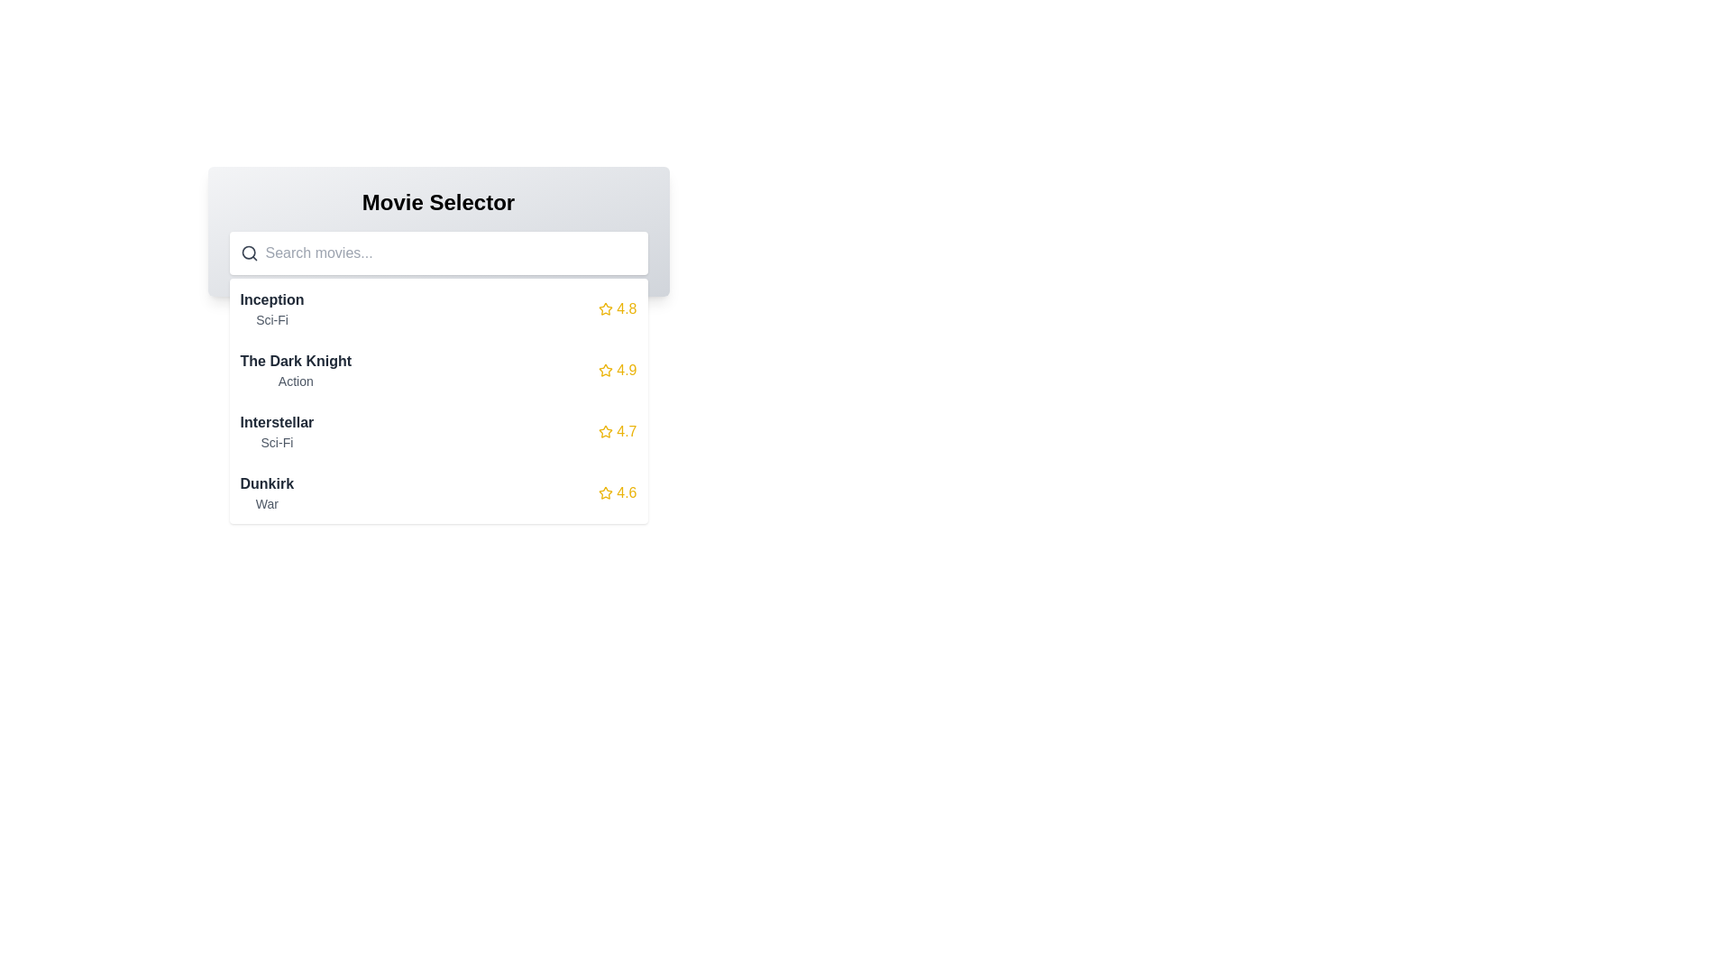 Image resolution: width=1731 pixels, height=974 pixels. I want to click on the text label representing the title of a movie, which is the first line in the 'Movie Selector' list entry, located between 'Inception' and 'Interstellar', so click(296, 362).